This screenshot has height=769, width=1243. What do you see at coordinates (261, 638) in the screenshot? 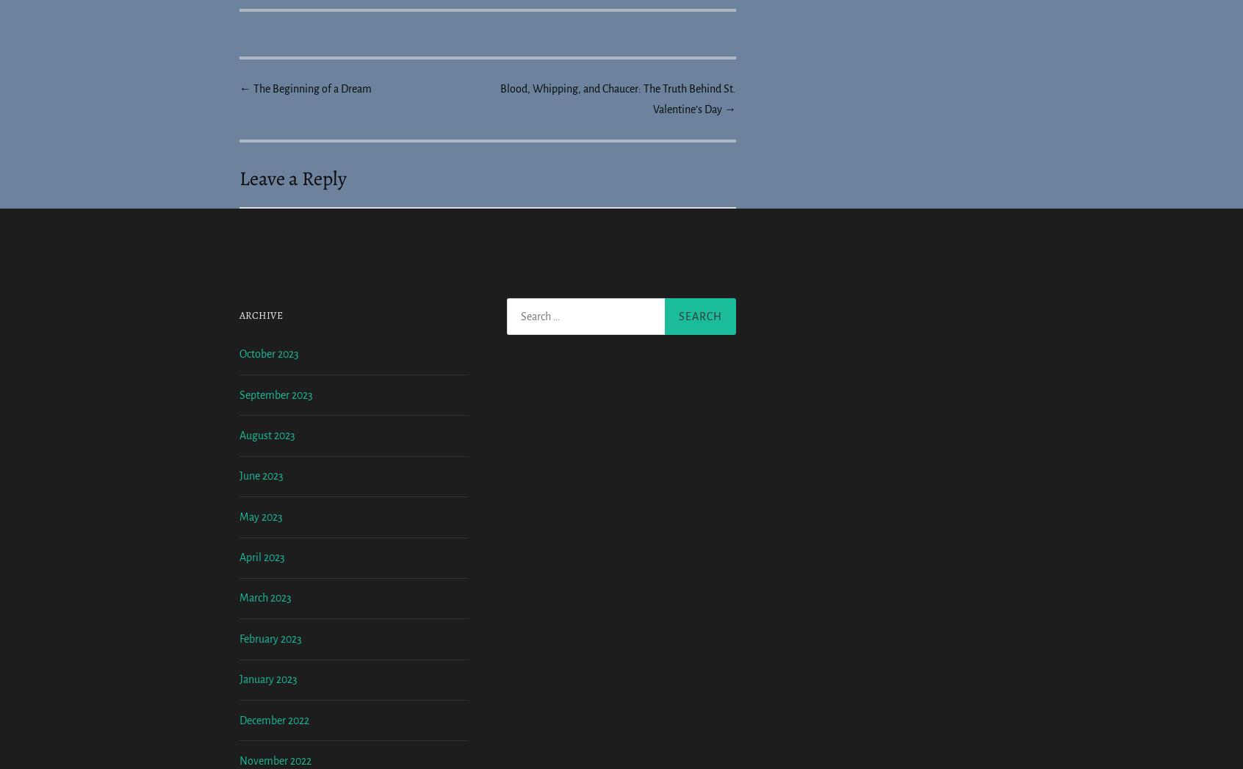
I see `'May 2023'` at bounding box center [261, 638].